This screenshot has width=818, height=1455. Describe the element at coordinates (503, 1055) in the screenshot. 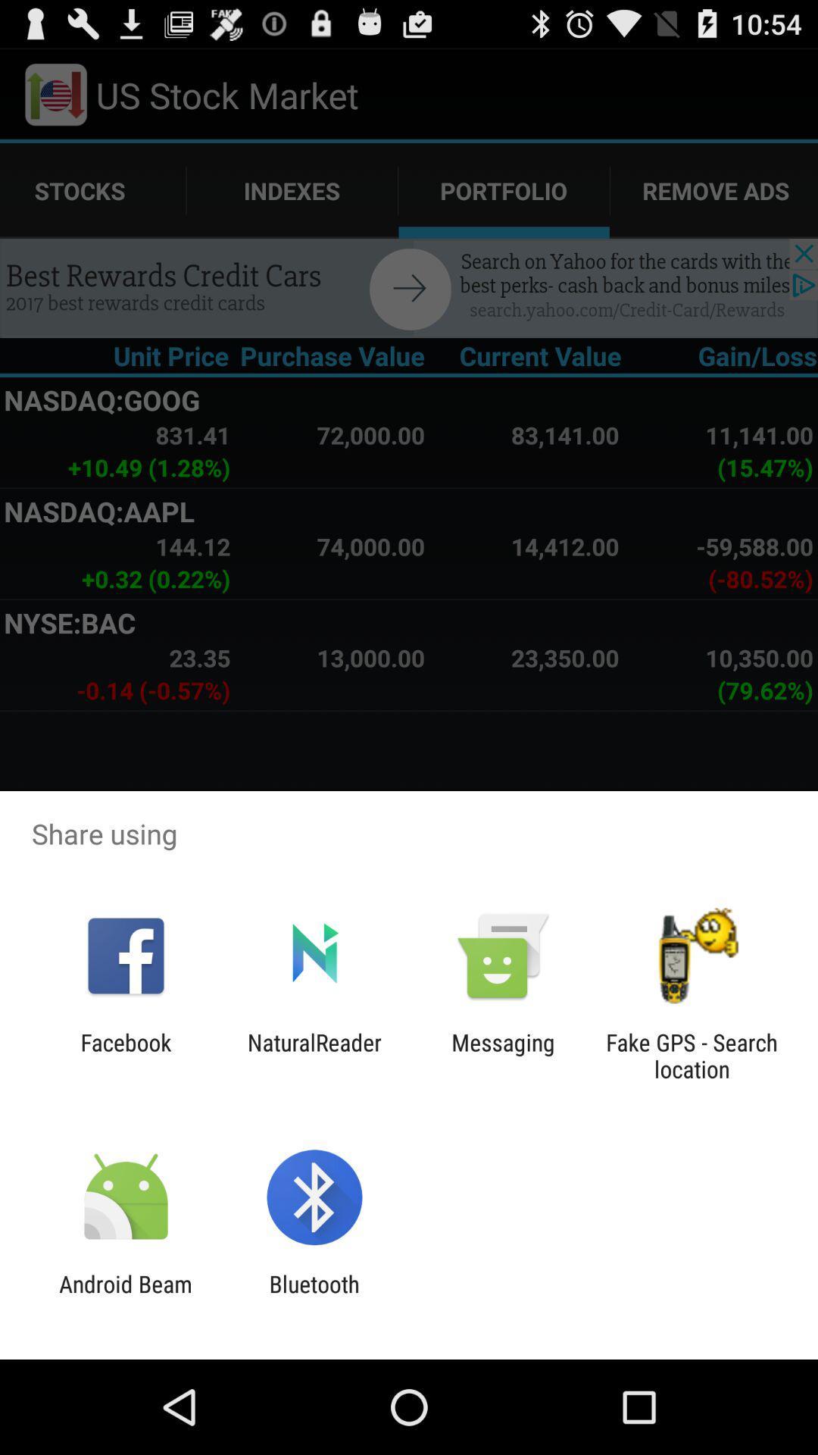

I see `the item to the right of naturalreader app` at that location.